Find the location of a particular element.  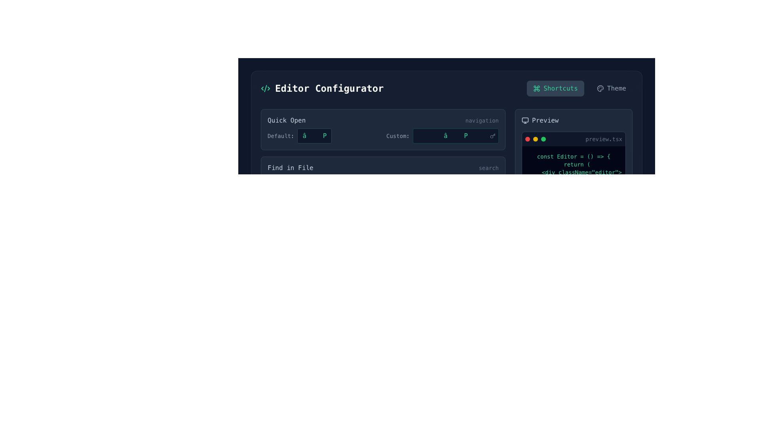

the green circular status indicator, which is the third icon in a horizontal sequence of three icons located near the top-right area of the interface is located at coordinates (543, 138).